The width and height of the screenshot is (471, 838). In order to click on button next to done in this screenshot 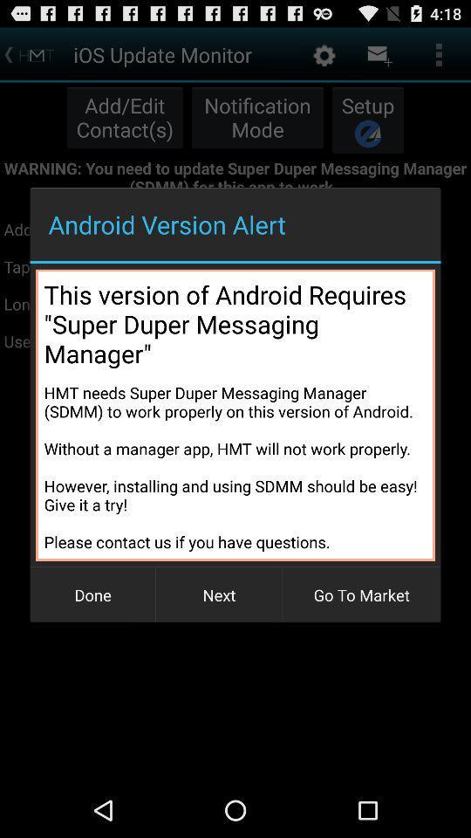, I will do `click(219, 594)`.